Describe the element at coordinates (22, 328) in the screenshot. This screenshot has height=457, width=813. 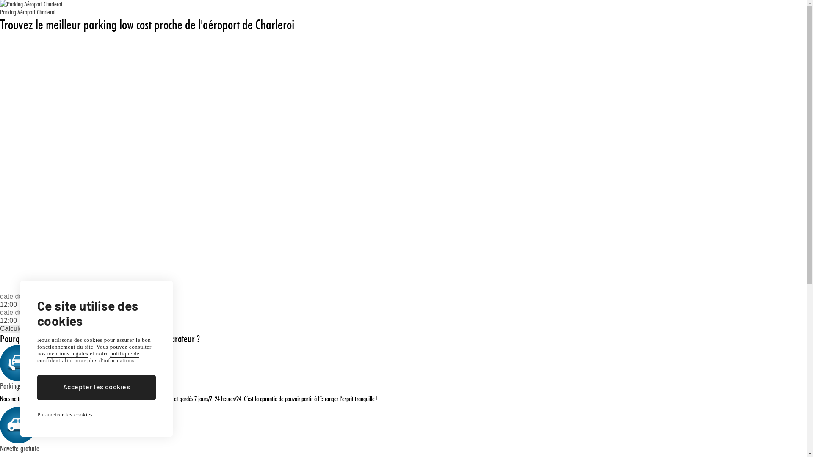
I see `'Calculer le prix'` at that location.